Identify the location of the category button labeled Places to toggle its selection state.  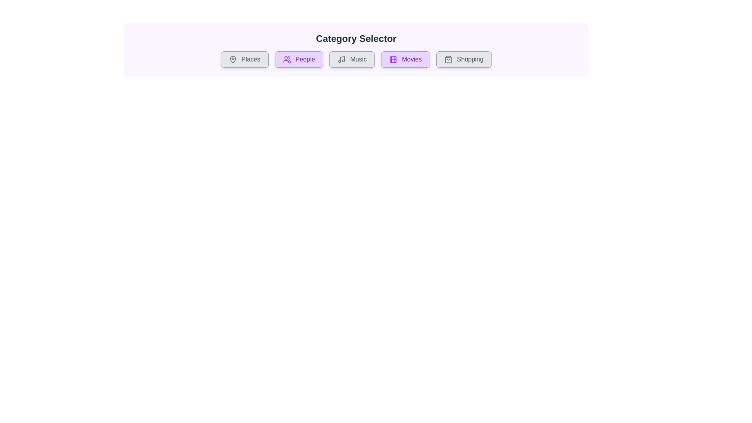
(244, 59).